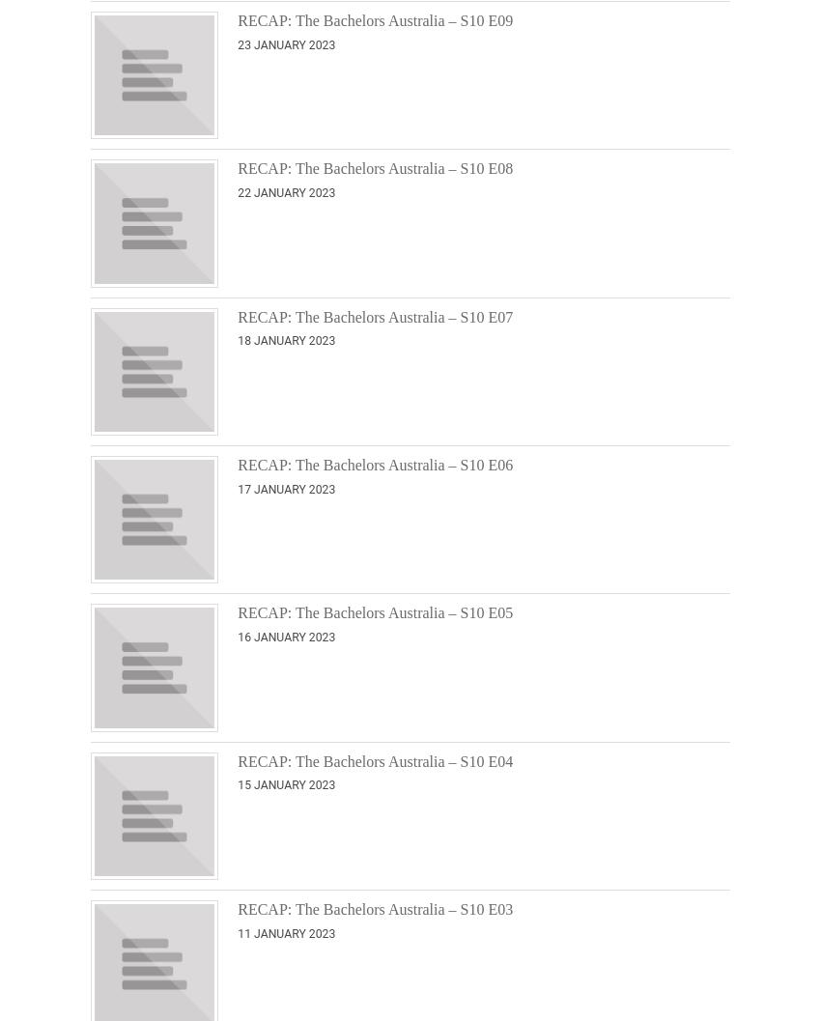 The height and width of the screenshot is (1021, 821). What do you see at coordinates (285, 637) in the screenshot?
I see `'16 January 2023'` at bounding box center [285, 637].